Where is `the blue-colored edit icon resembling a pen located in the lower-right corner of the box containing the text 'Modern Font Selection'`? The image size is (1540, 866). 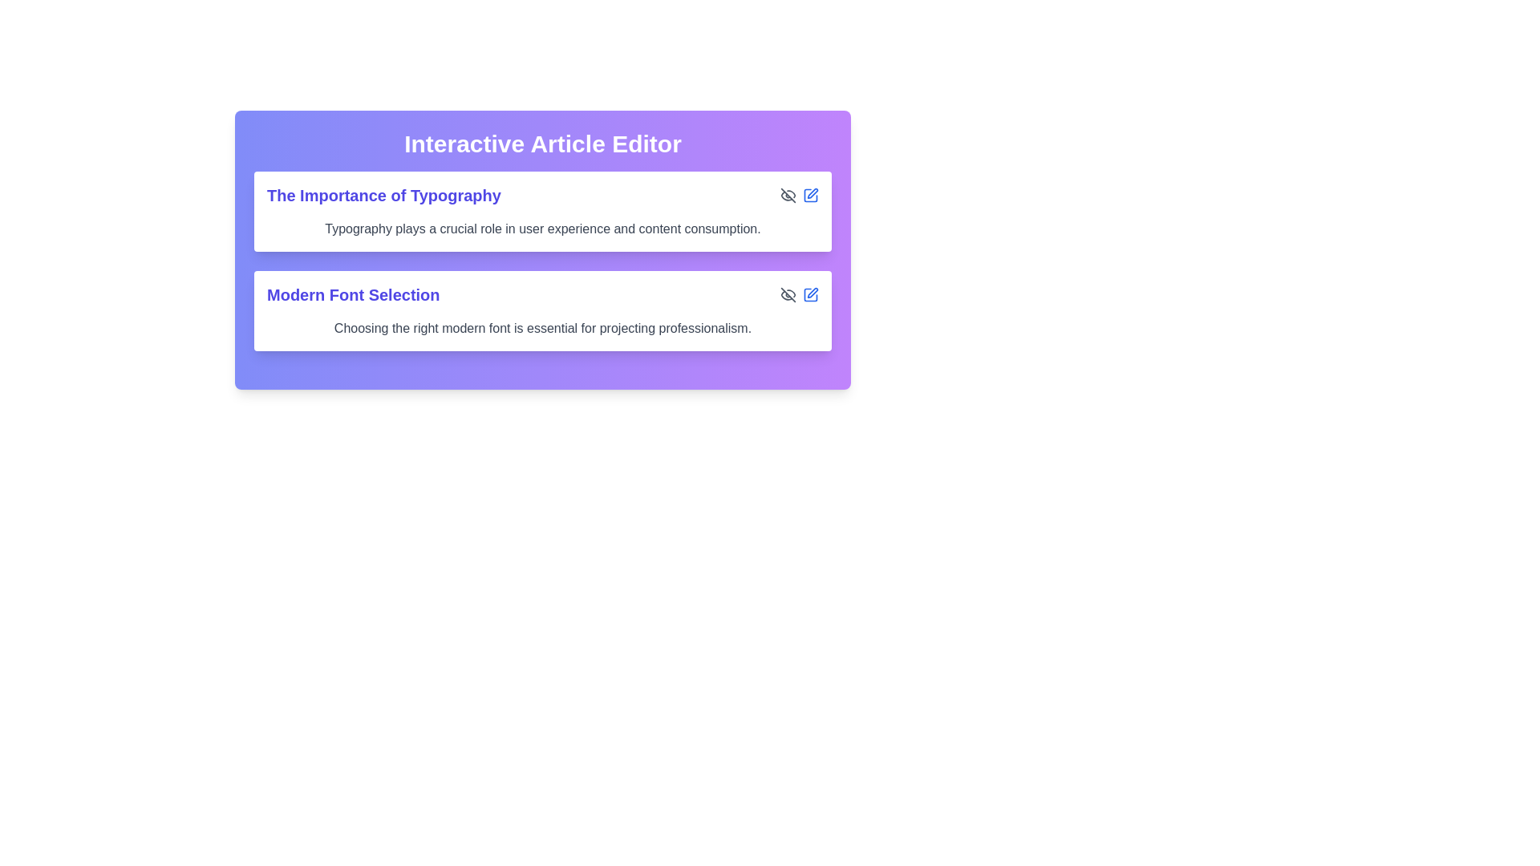
the blue-colored edit icon resembling a pen located in the lower-right corner of the box containing the text 'Modern Font Selection' is located at coordinates (811, 294).